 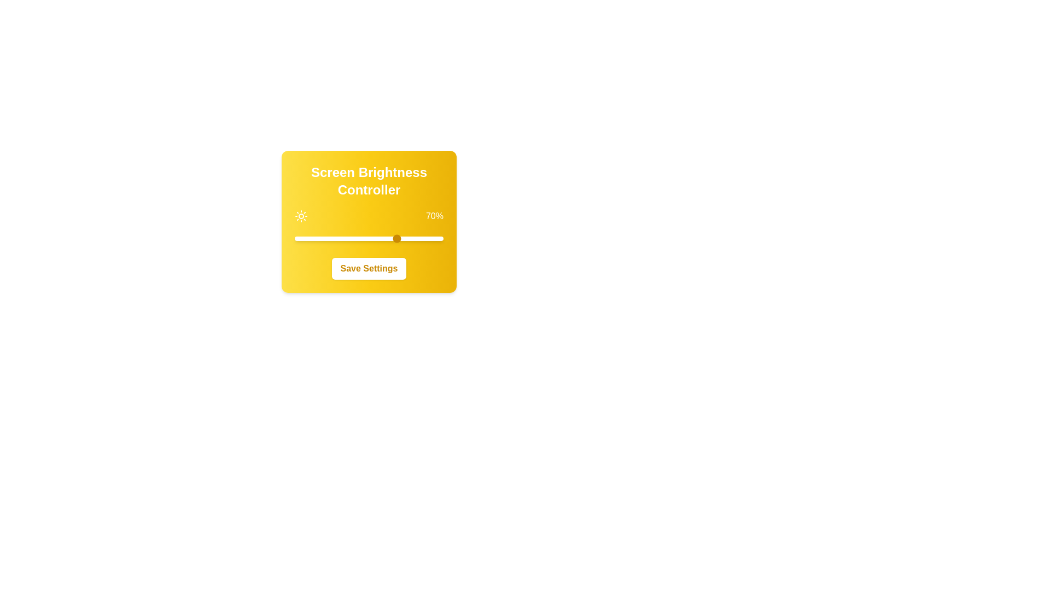 What do you see at coordinates (369, 269) in the screenshot?
I see `'Save Settings' button to save the current brightness level` at bounding box center [369, 269].